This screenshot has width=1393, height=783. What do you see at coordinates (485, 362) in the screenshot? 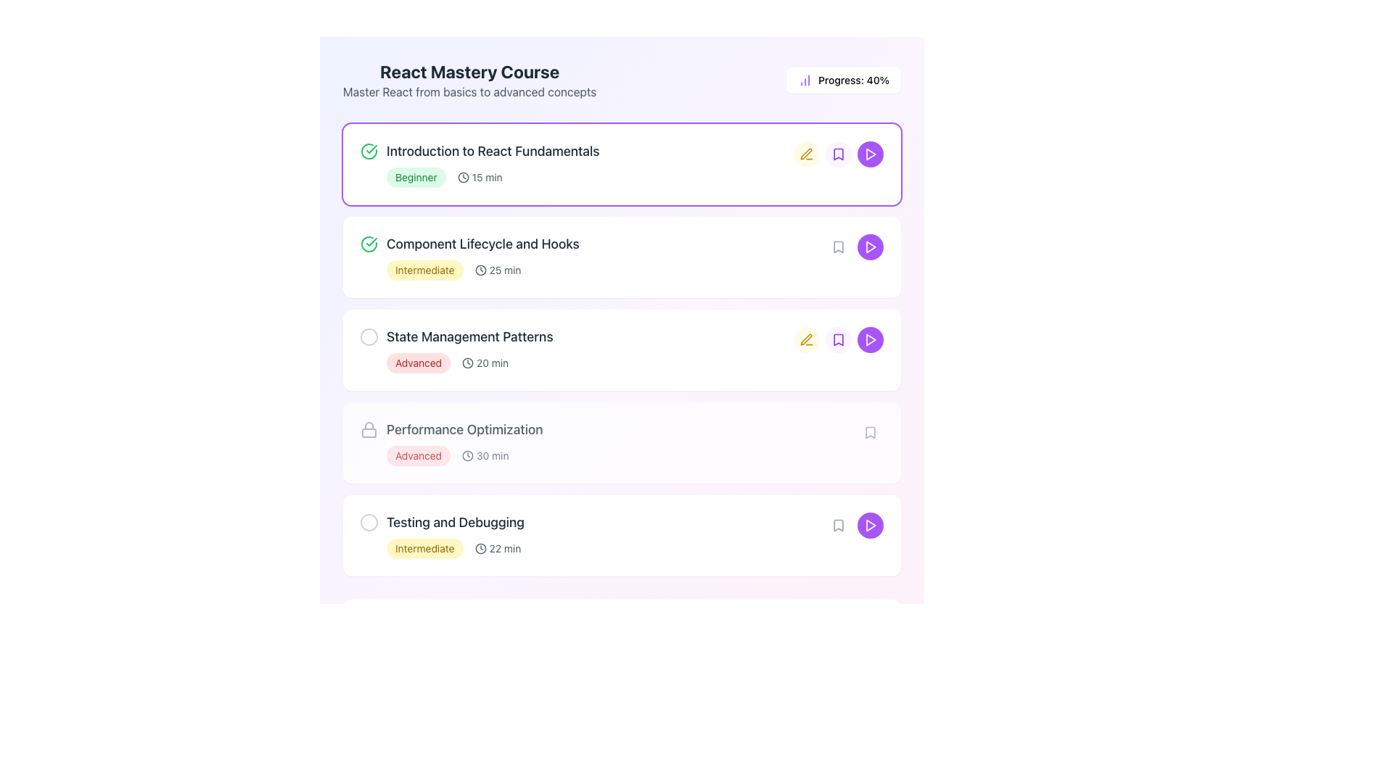
I see `the text label displaying the estimated time for the 'State Management Patterns' module, located under the 'Advanced' badge in the third item of a vertical list` at bounding box center [485, 362].